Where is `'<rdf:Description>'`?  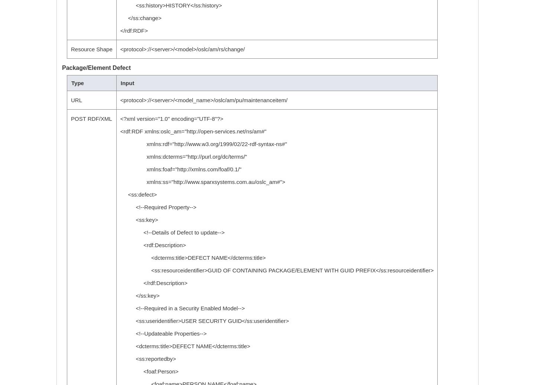 '<rdf:Description>' is located at coordinates (152, 245).